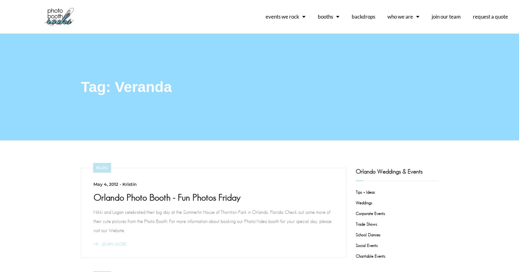 Image resolution: width=519 pixels, height=272 pixels. Describe the element at coordinates (370, 213) in the screenshot. I see `'Corporate Events'` at that location.